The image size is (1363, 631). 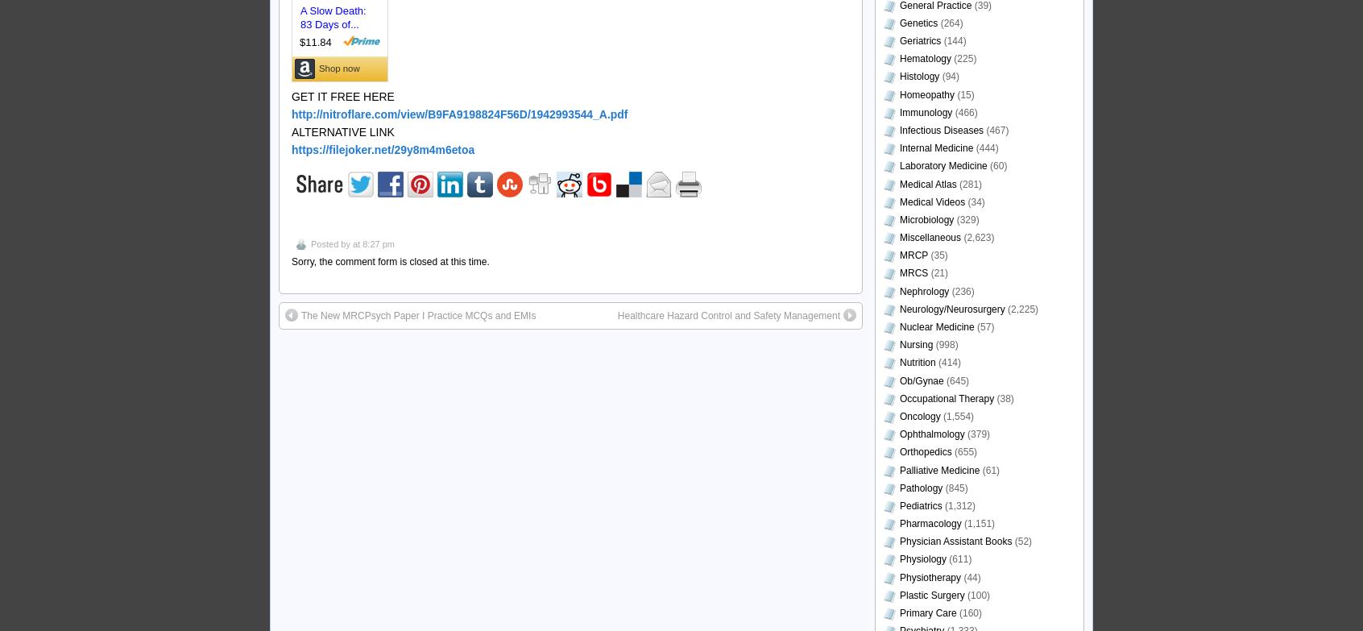 What do you see at coordinates (926, 219) in the screenshot?
I see `'Microbiology'` at bounding box center [926, 219].